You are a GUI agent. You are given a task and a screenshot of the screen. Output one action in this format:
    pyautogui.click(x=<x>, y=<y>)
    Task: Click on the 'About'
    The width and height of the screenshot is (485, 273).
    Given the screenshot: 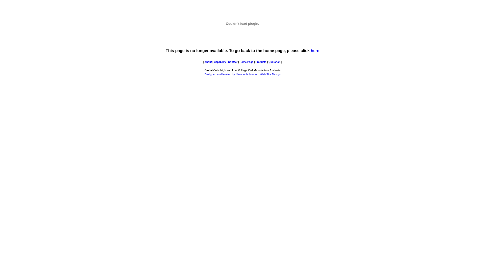 What is the action you would take?
    pyautogui.click(x=208, y=62)
    